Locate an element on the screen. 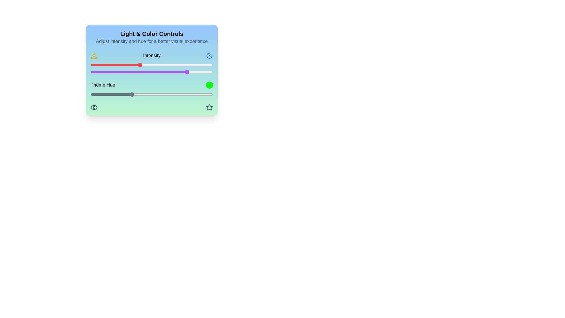  the theme hue is located at coordinates (196, 94).